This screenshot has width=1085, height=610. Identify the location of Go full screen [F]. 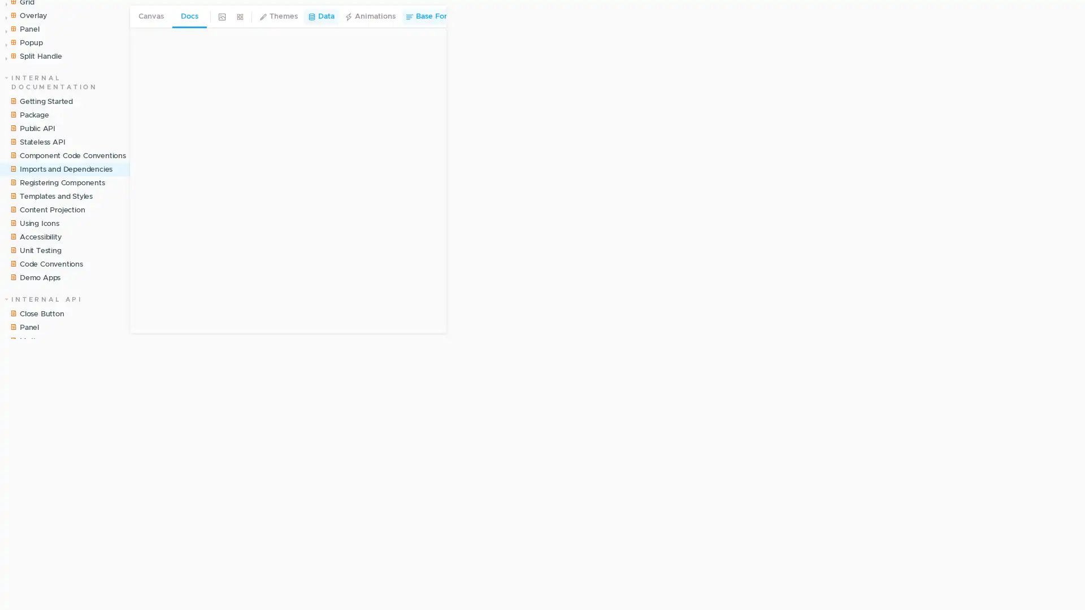
(1067, 17).